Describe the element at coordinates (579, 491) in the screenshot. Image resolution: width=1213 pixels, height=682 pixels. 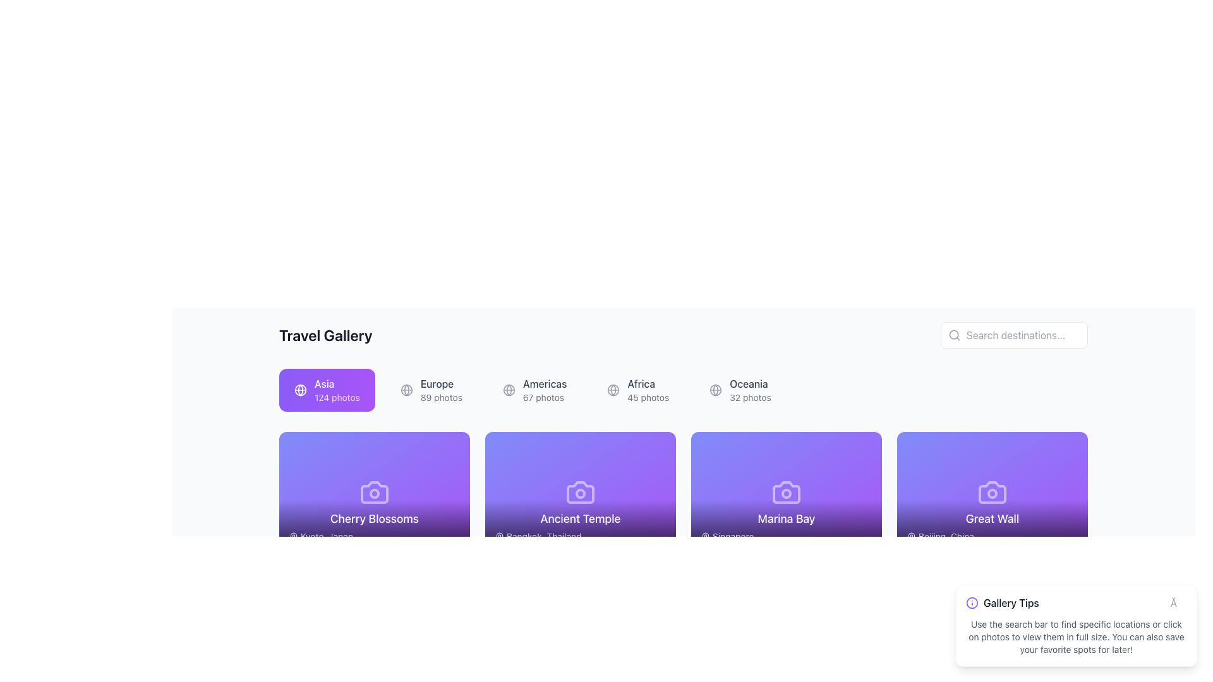
I see `the camera icon located in the 'Ancient Temple' card, which is positioned in the second column of the first row under the 'Travel Gallery' heading` at that location.